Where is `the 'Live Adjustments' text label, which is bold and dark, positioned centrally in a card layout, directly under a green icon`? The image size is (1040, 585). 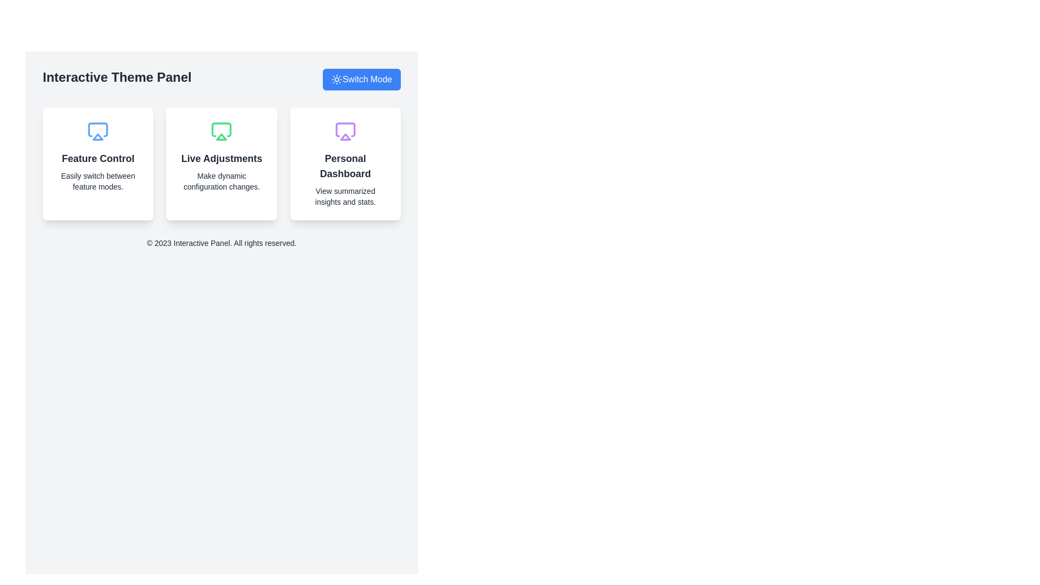 the 'Live Adjustments' text label, which is bold and dark, positioned centrally in a card layout, directly under a green icon is located at coordinates (221, 159).